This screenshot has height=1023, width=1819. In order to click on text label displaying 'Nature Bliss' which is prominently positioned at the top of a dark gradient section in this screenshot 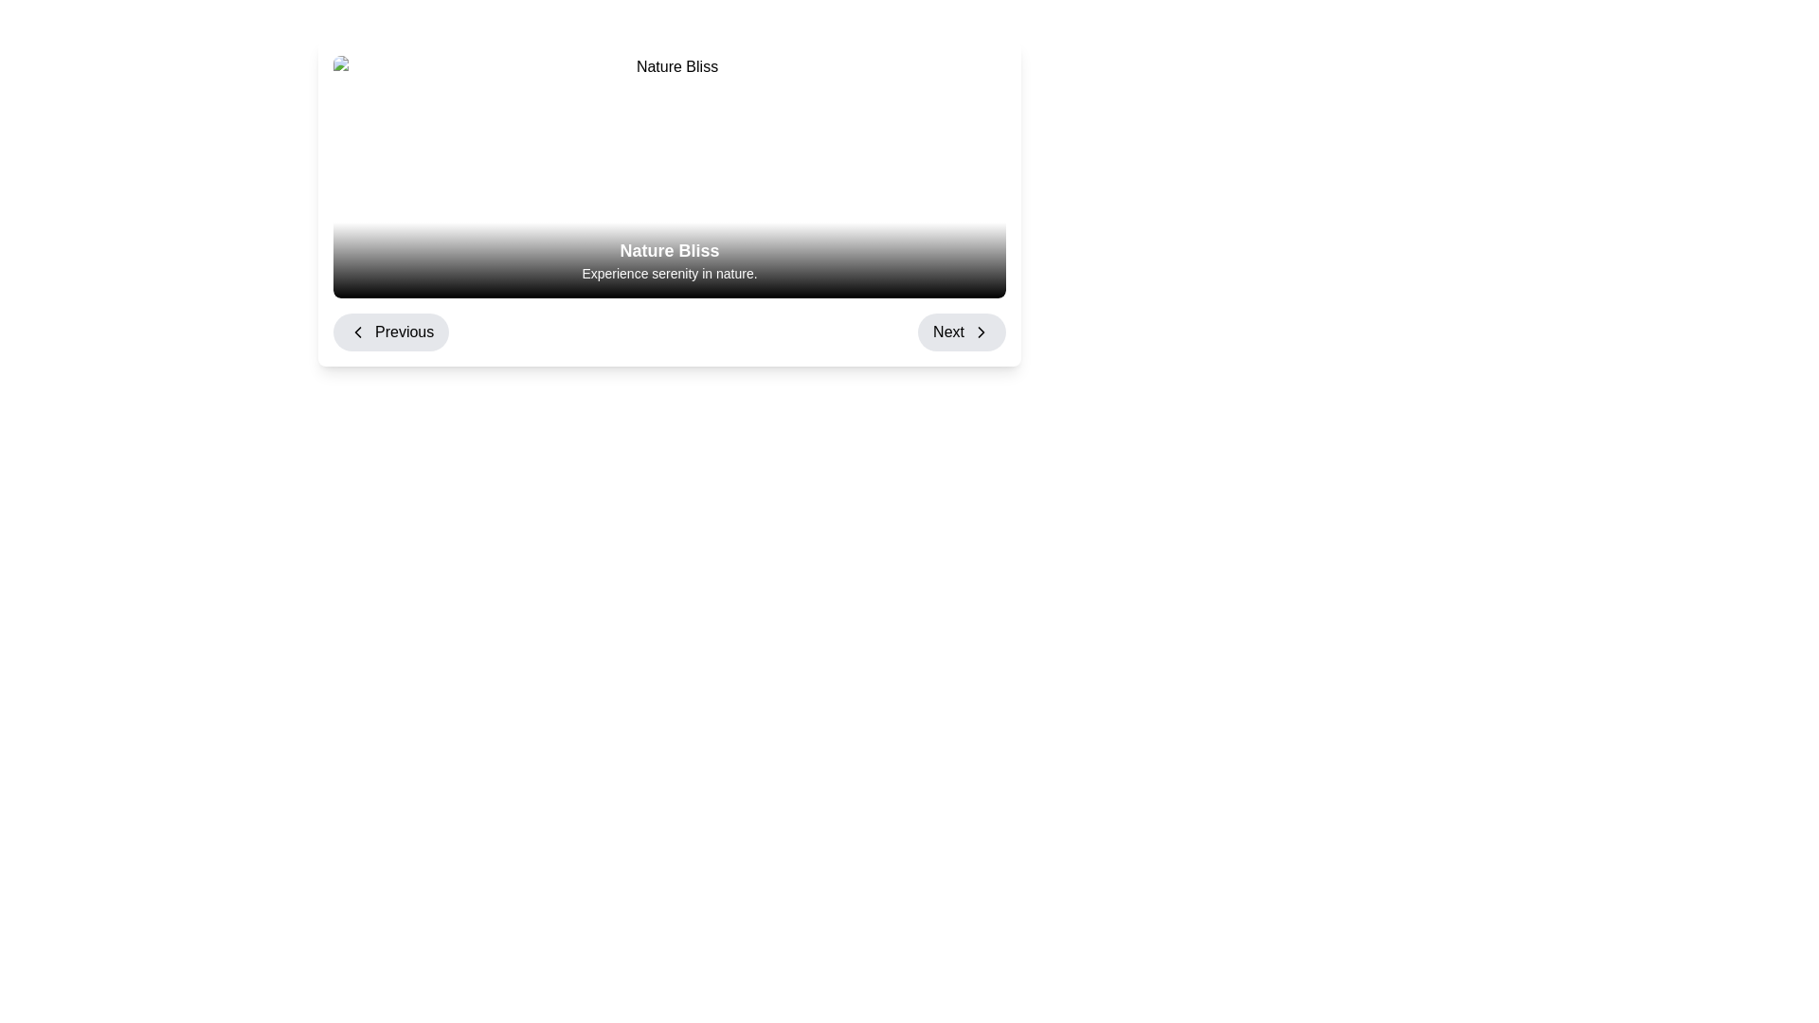, I will do `click(669, 250)`.